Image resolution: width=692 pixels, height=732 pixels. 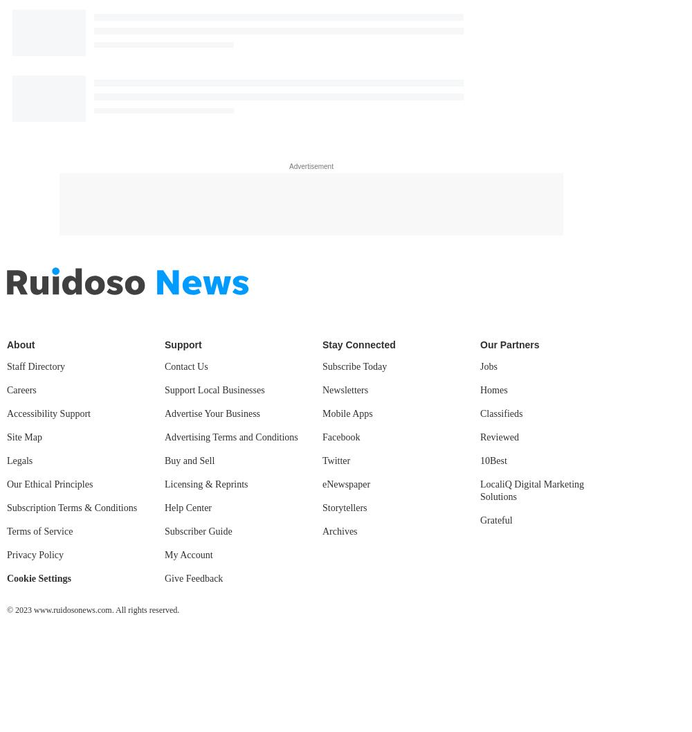 What do you see at coordinates (230, 437) in the screenshot?
I see `'Advertising Terms and Conditions'` at bounding box center [230, 437].